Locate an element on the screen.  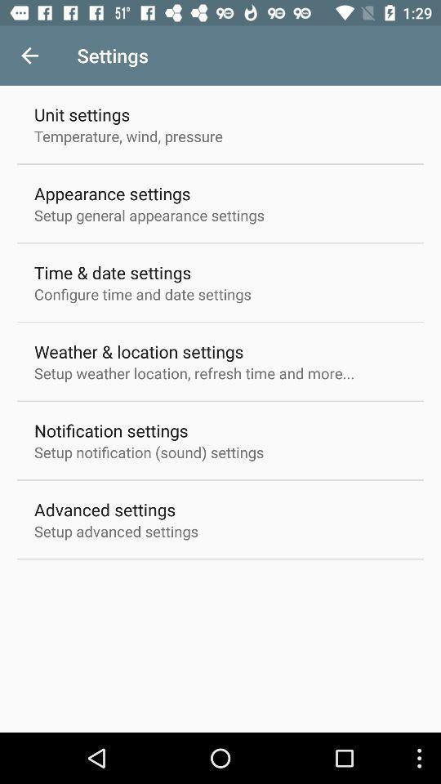
unit settings item is located at coordinates (81, 114).